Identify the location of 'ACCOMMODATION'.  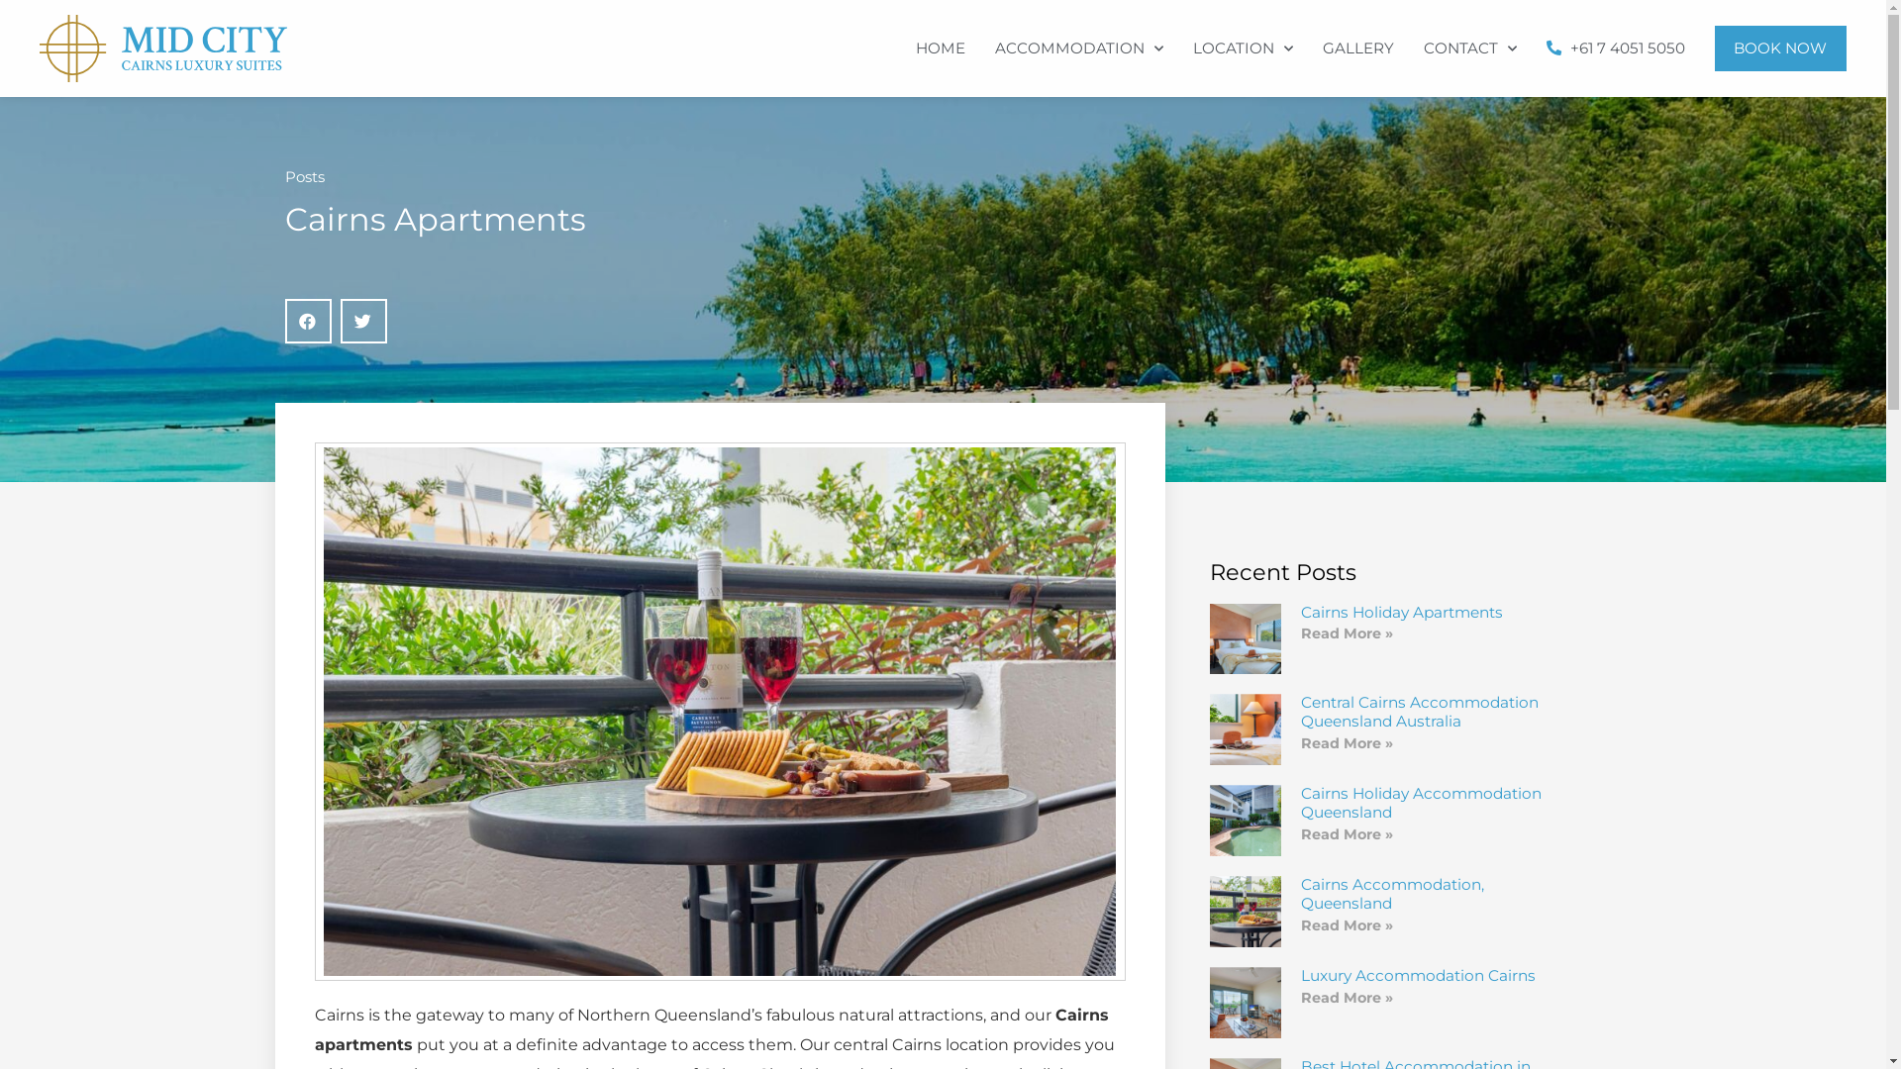
(1077, 48).